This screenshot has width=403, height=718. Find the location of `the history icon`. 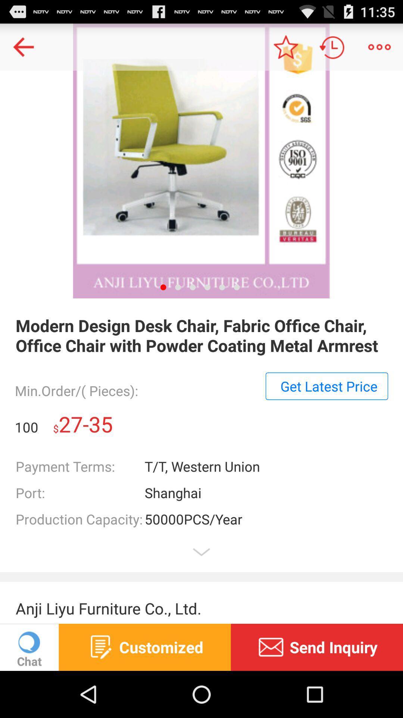

the history icon is located at coordinates (332, 50).